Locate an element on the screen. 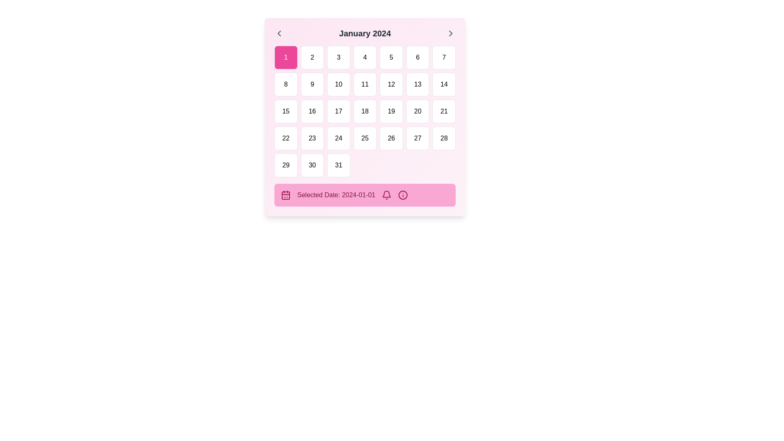 The height and width of the screenshot is (441, 784). the date selection button displaying '30' in a calendar view for January 2024 is located at coordinates (312, 165).